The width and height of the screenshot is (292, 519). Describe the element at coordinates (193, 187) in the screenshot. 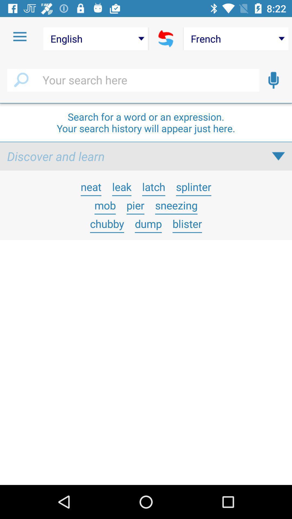

I see `the icon next to latch icon` at that location.